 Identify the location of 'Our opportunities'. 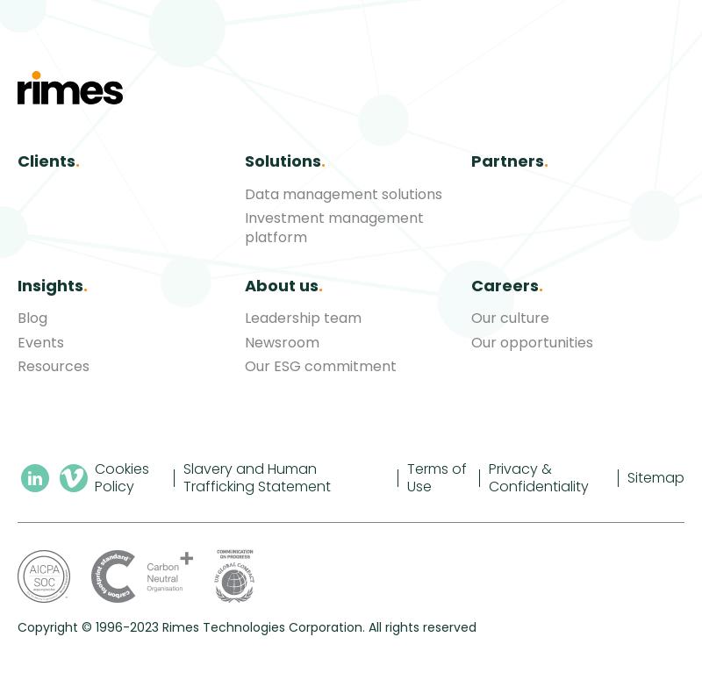
(471, 341).